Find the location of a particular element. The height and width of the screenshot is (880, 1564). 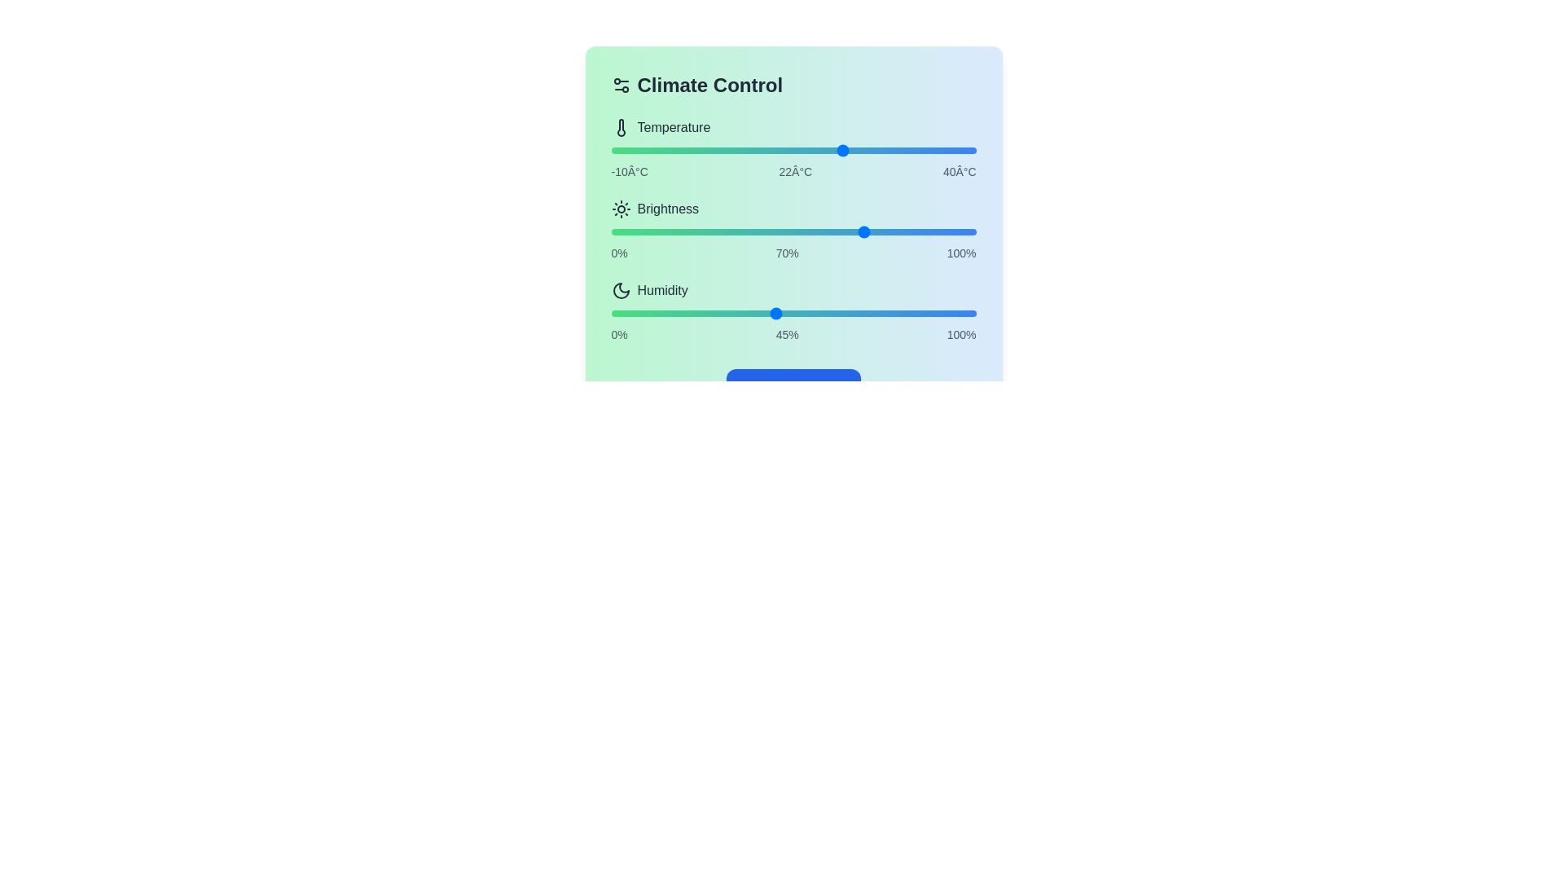

the vertically aligned group of three sliders labeled Temperature, Brightness, and Humidity is located at coordinates (793, 230).